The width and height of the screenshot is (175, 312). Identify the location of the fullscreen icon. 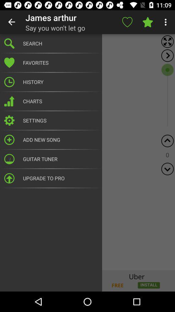
(167, 41).